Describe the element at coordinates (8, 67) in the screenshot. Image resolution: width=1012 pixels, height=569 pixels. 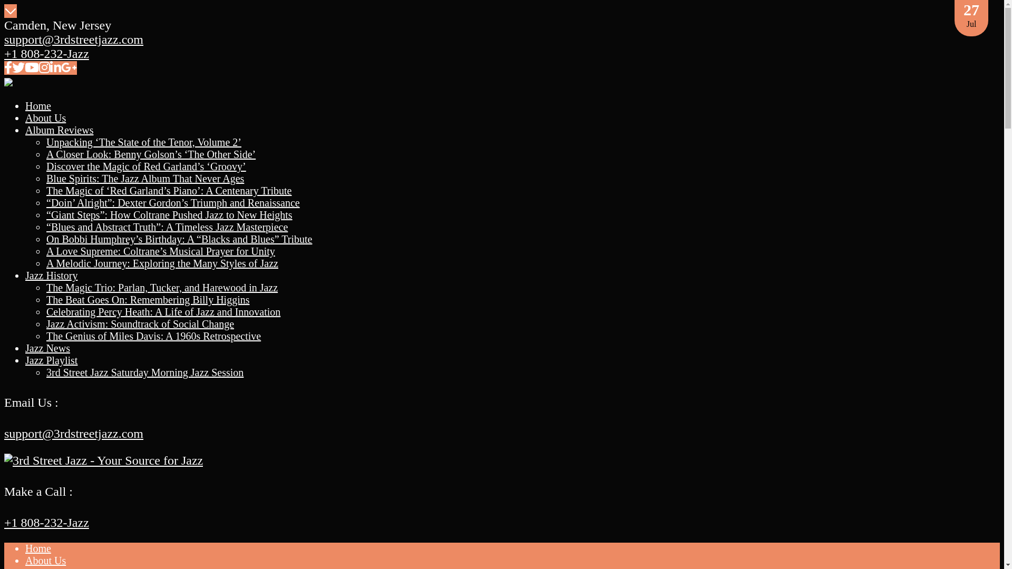
I see `'facebook-f'` at that location.